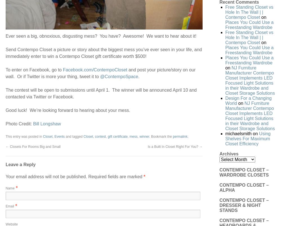 The image size is (287, 226). What do you see at coordinates (68, 110) in the screenshot?
I see `'Good luck!  We’re looking forward to hearing about your mess.'` at bounding box center [68, 110].